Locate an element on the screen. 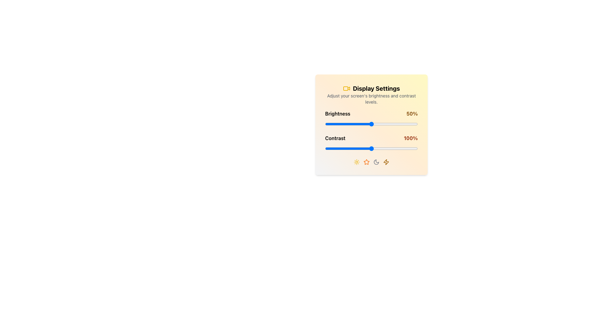  the text element displaying '50%' in bold yellow, which indicates the current brightness level and is aligned to the right of the 'Brightness' label in the Display Settings panel is located at coordinates (412, 113).